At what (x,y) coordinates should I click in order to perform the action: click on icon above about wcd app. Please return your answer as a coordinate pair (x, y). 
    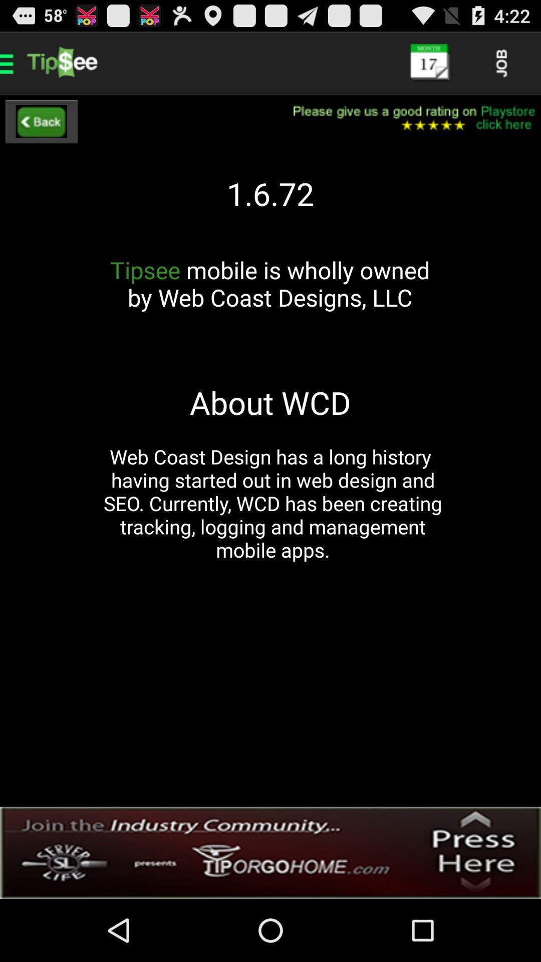
    Looking at the image, I should click on (269, 297).